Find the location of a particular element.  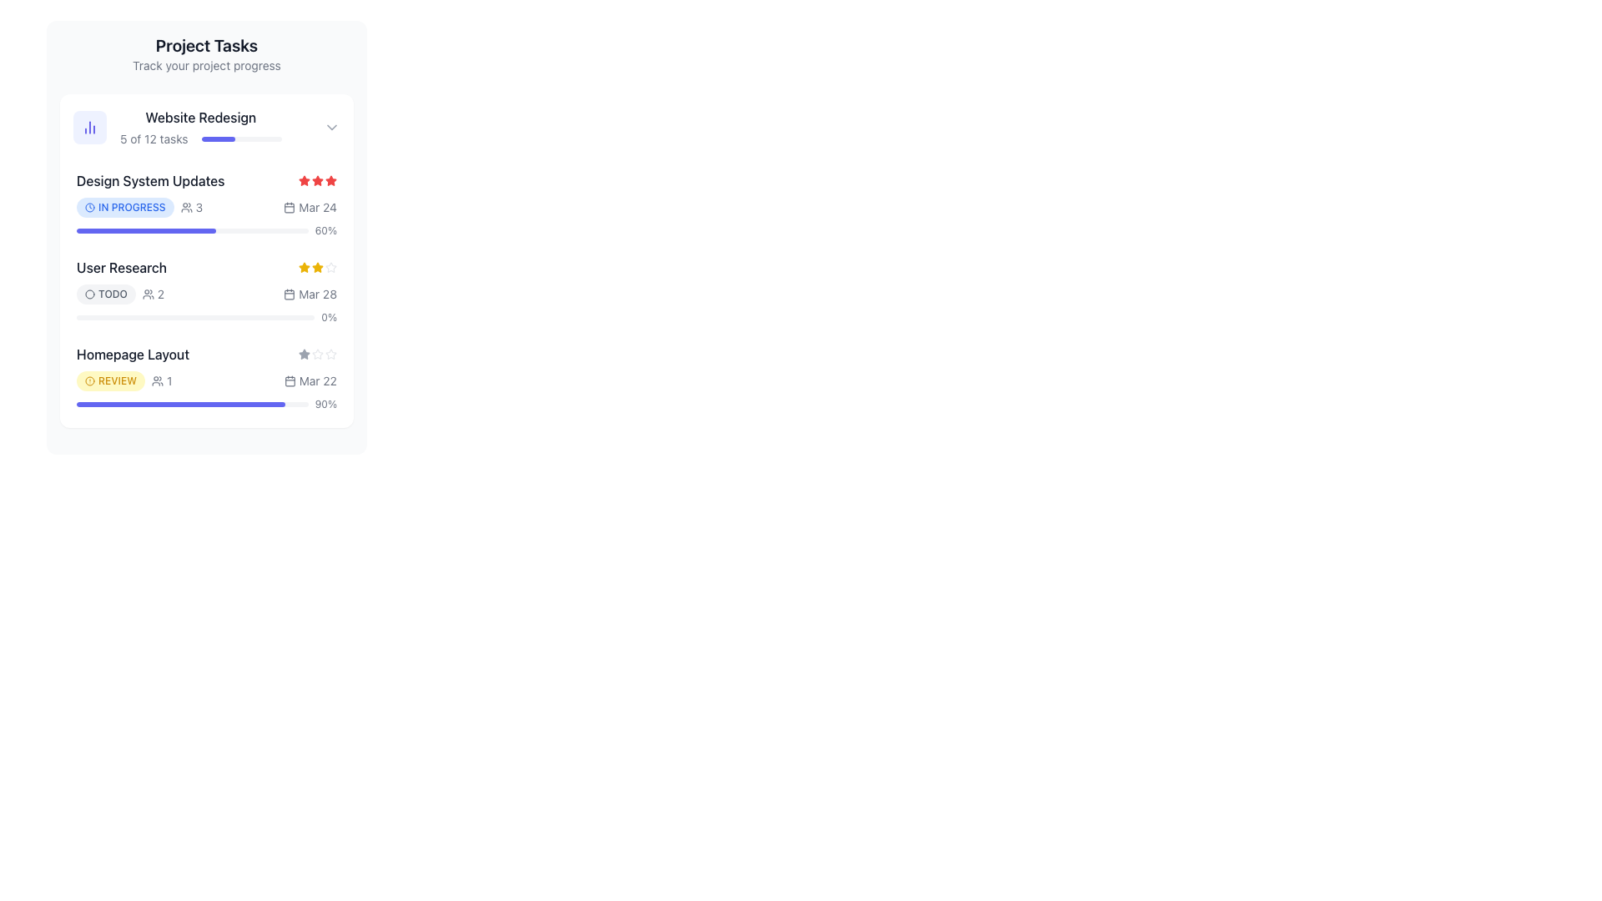

the leftmost star in the 5-star rating system for the 'Homepage Layout' task is located at coordinates (304, 353).